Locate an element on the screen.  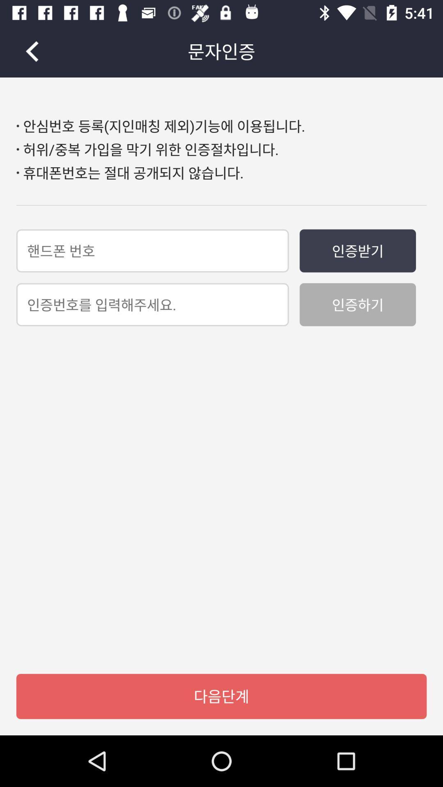
icon on the right is located at coordinates (357, 304).